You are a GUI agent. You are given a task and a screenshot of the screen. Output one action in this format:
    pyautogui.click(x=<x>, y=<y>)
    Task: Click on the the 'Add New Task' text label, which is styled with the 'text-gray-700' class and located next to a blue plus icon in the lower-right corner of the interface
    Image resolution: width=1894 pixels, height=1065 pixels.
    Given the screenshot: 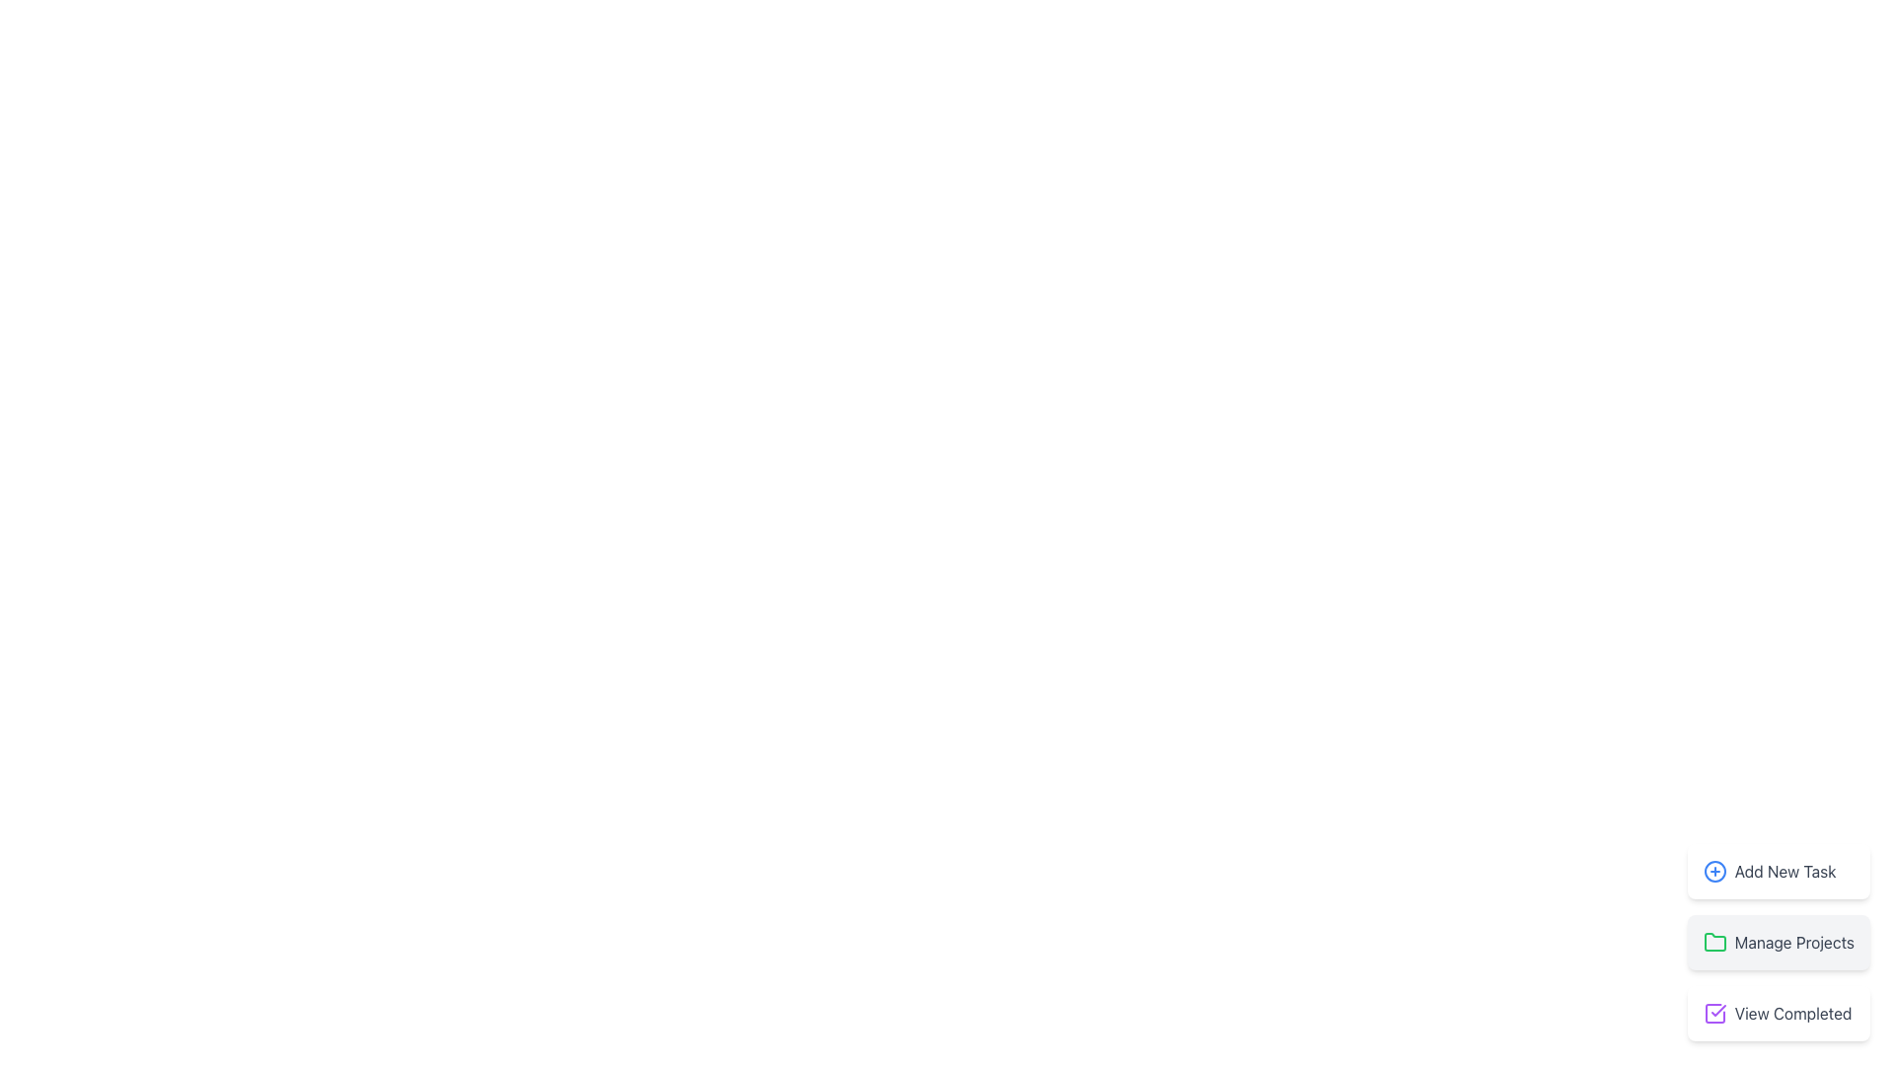 What is the action you would take?
    pyautogui.click(x=1785, y=870)
    